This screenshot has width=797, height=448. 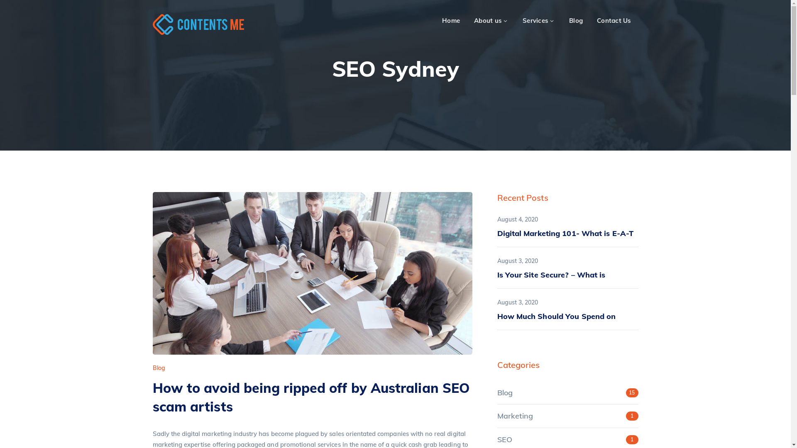 What do you see at coordinates (565, 233) in the screenshot?
I see `'Digital Marketing 101- What is E-A-T'` at bounding box center [565, 233].